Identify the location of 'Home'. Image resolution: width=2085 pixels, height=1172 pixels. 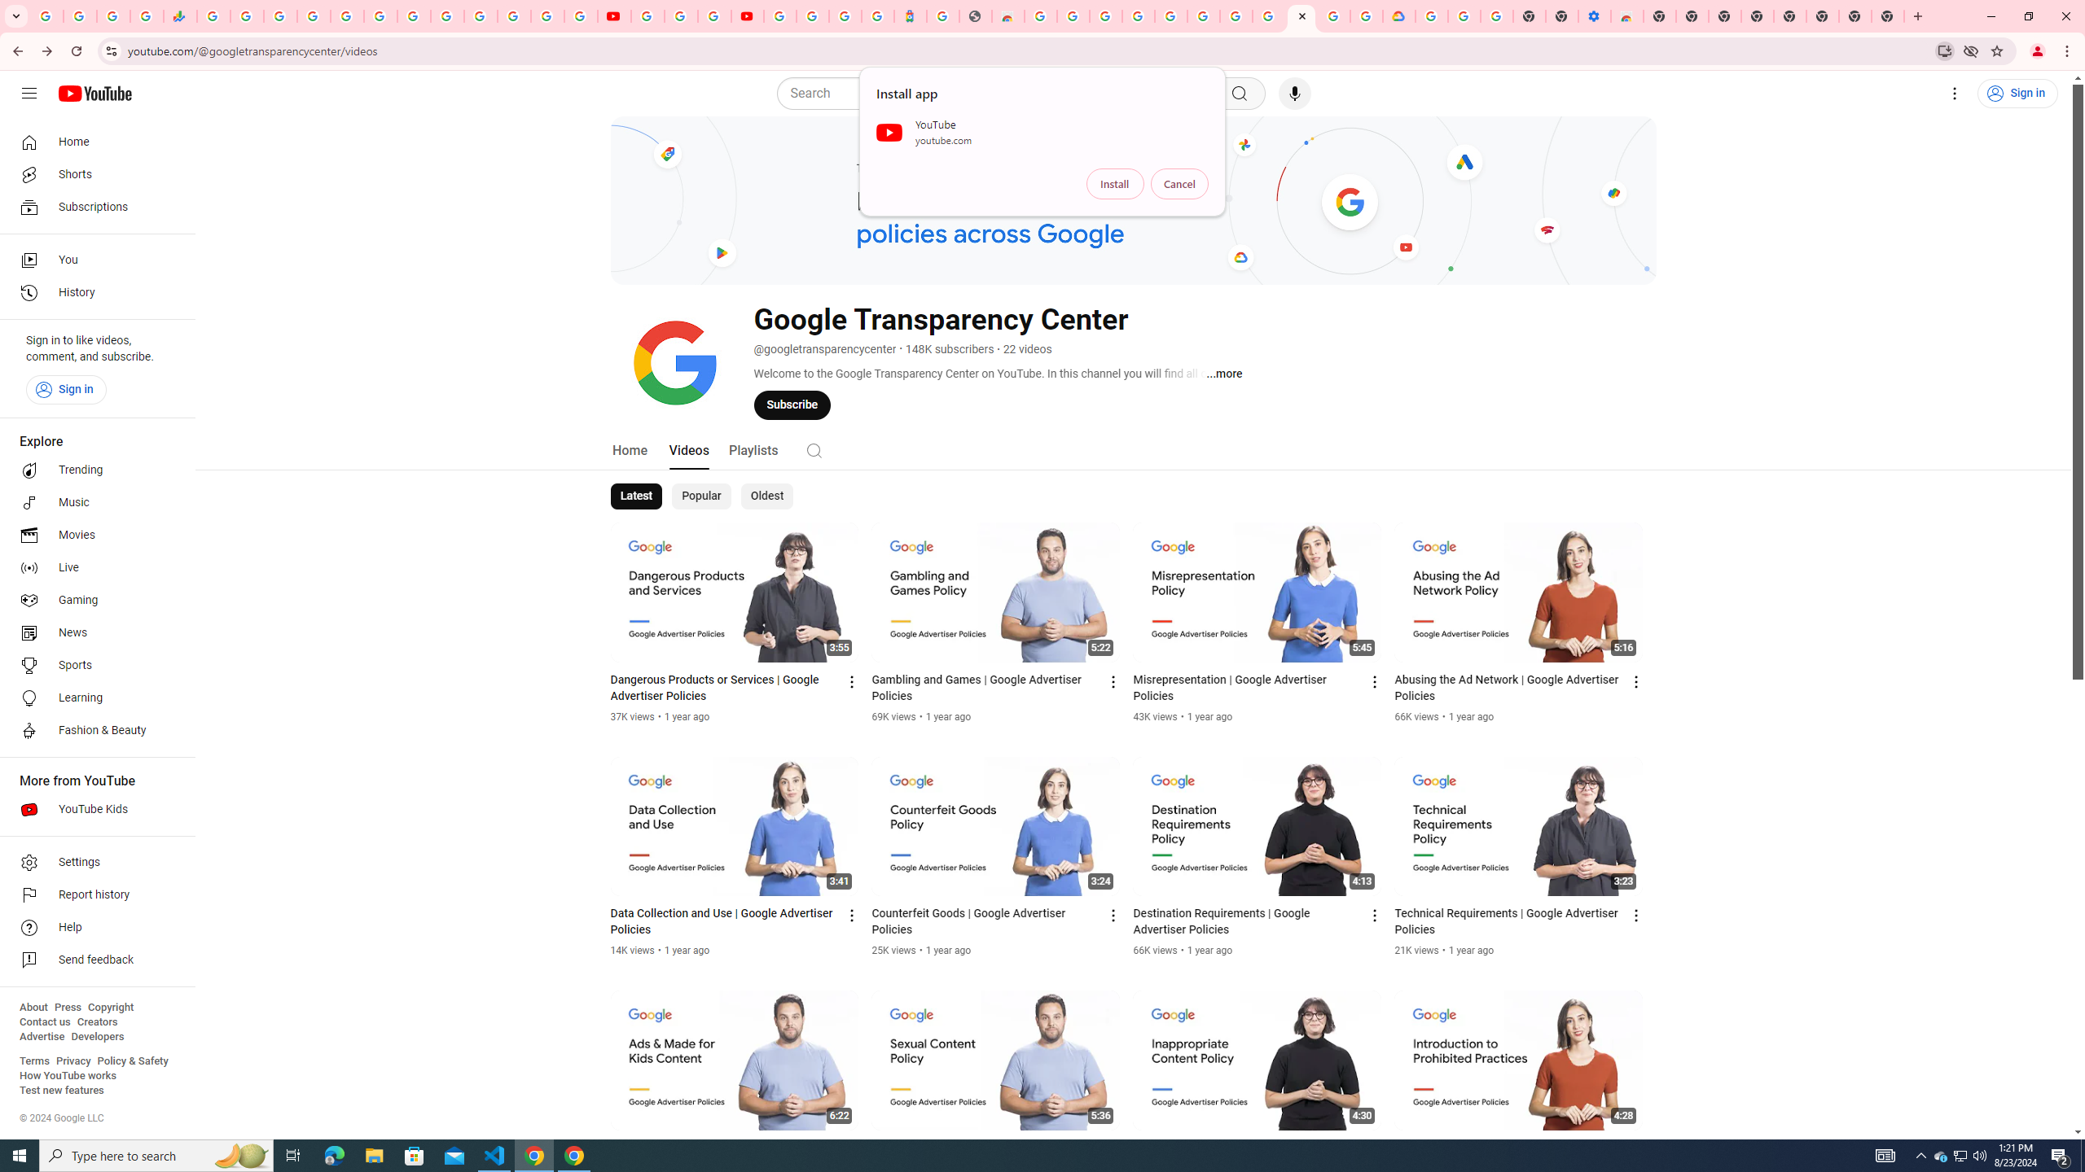
(92, 141).